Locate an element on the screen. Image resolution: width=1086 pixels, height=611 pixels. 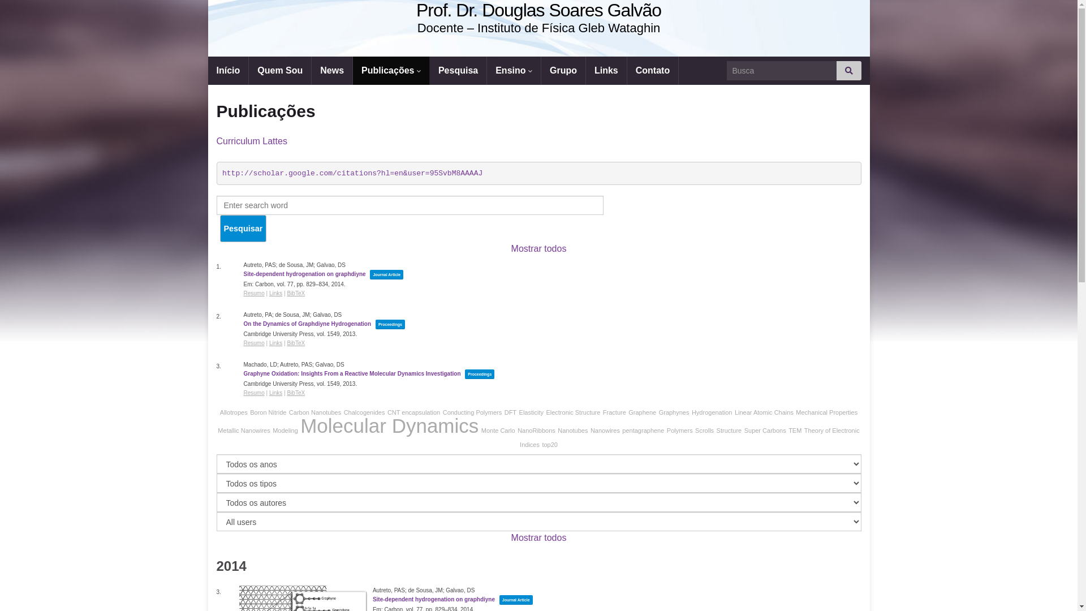
'Scrolls' is located at coordinates (704, 430).